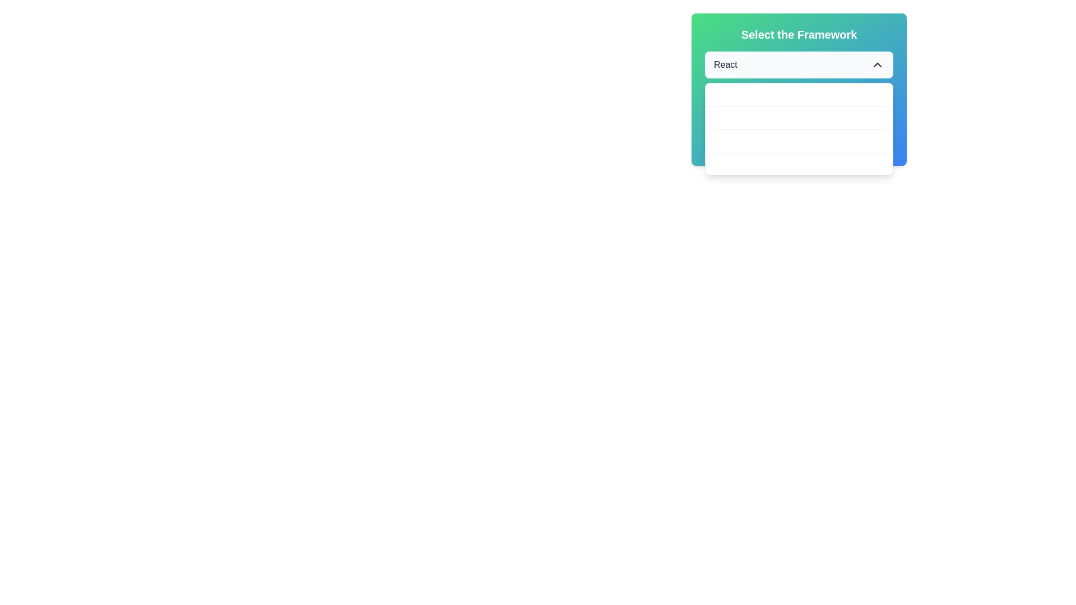 Image resolution: width=1076 pixels, height=605 pixels. What do you see at coordinates (798, 118) in the screenshot?
I see `the dropdown list item displaying 'Vue'` at bounding box center [798, 118].